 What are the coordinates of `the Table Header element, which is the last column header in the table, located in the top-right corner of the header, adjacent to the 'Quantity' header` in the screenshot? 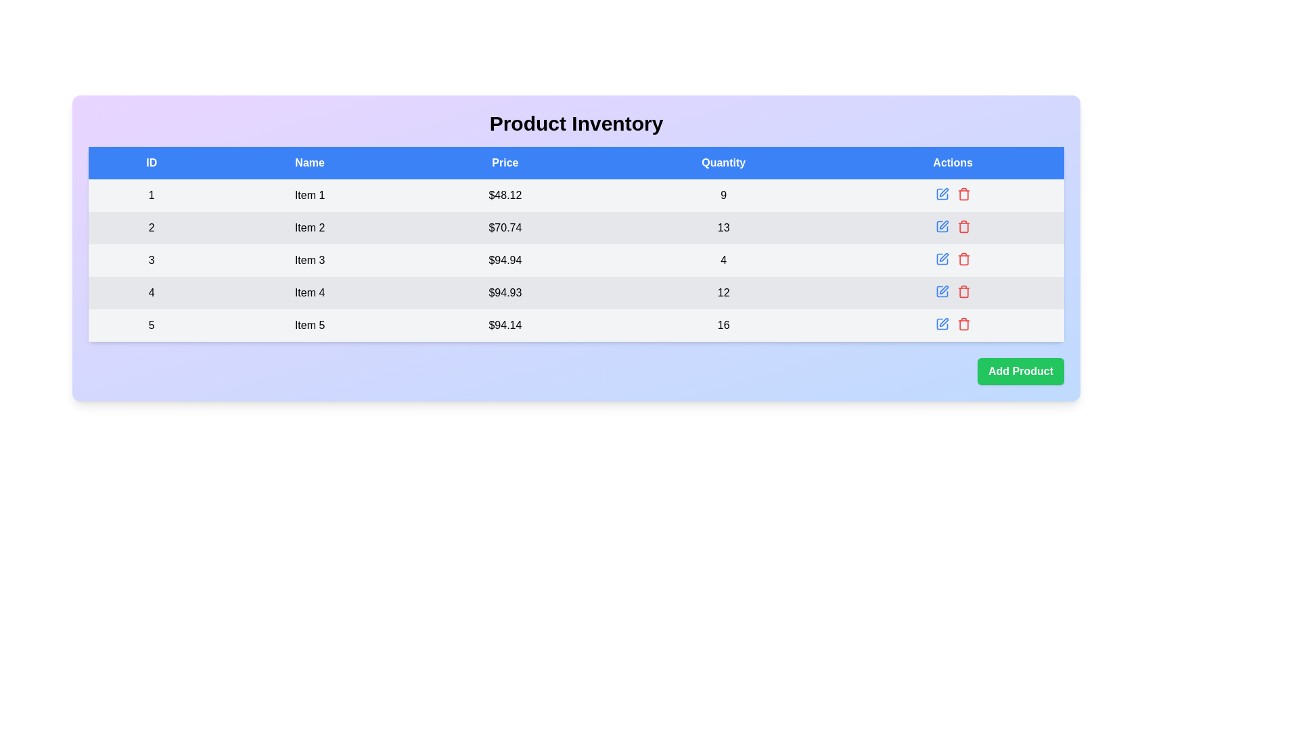 It's located at (952, 162).